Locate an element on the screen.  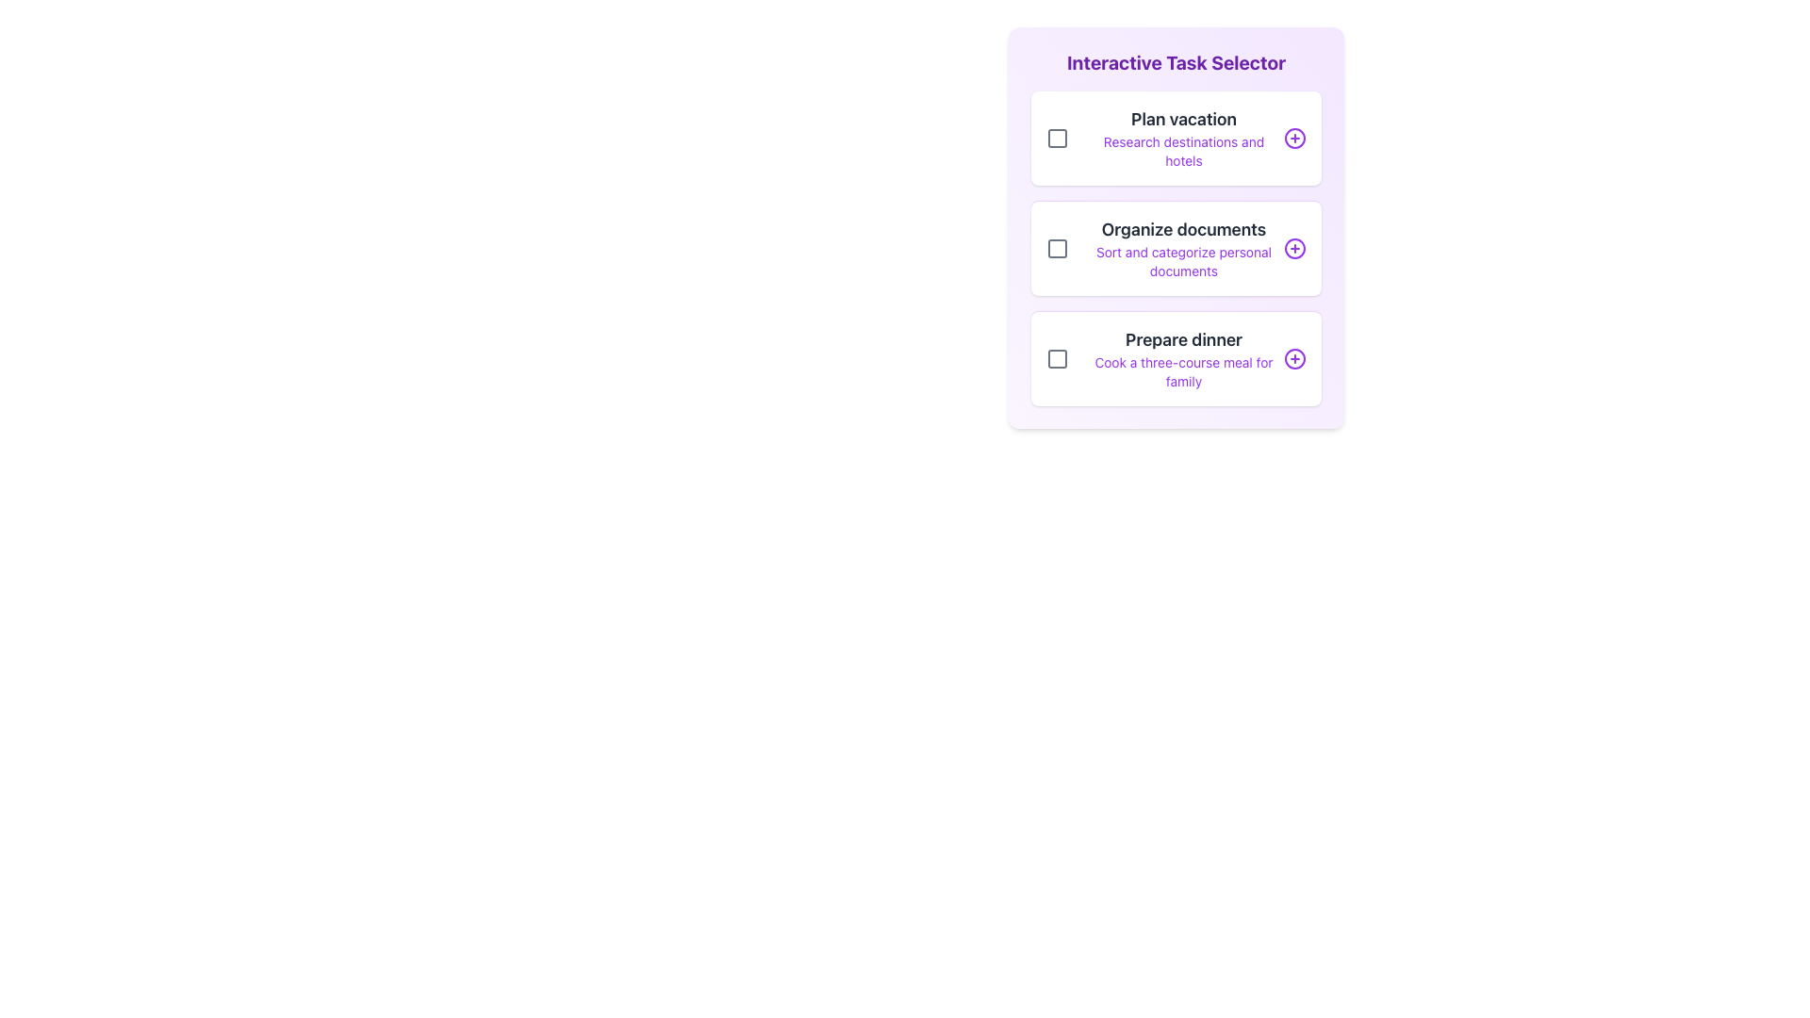
the rectangular SVG shape with a rounded border, positioned in the second row of the 'Interactive Task Selector' list, aligning with the 'Organize documents' checkbox is located at coordinates (1058, 247).